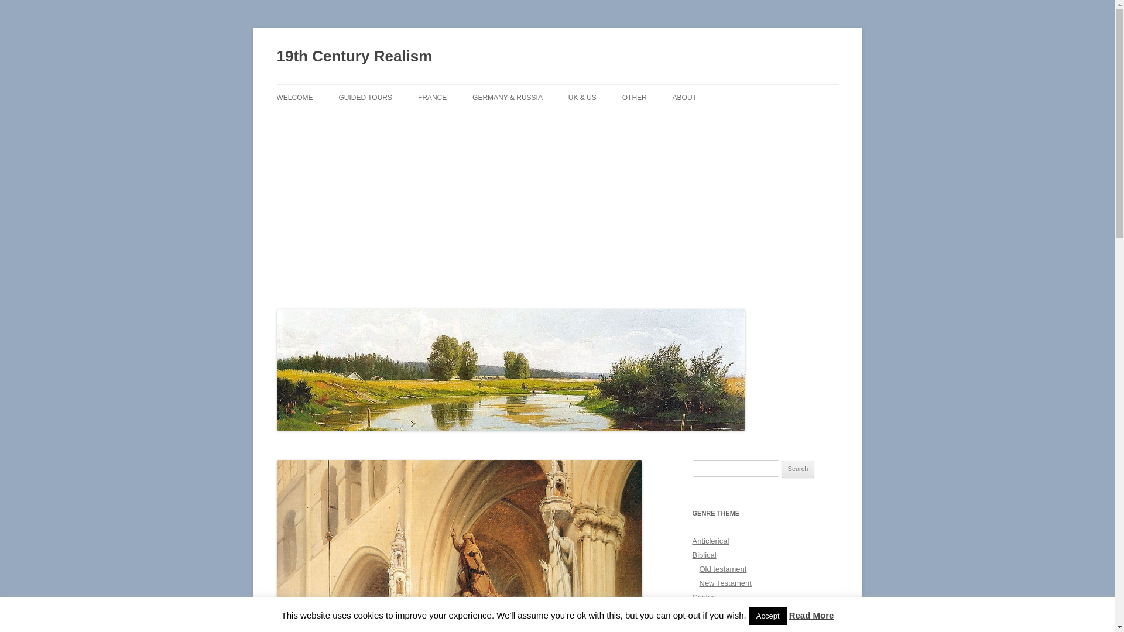 Image resolution: width=1124 pixels, height=632 pixels. What do you see at coordinates (789, 614) in the screenshot?
I see `'Read More'` at bounding box center [789, 614].